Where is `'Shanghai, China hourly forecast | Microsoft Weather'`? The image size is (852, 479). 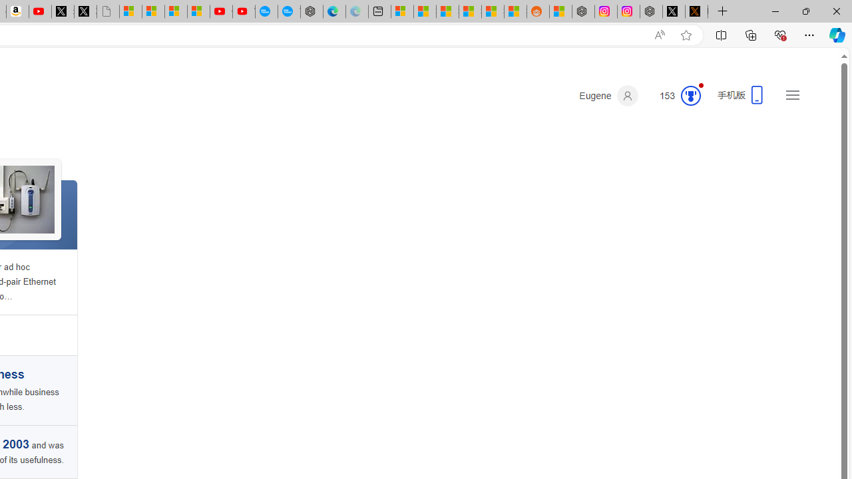
'Shanghai, China hourly forecast | Microsoft Weather' is located at coordinates (447, 11).